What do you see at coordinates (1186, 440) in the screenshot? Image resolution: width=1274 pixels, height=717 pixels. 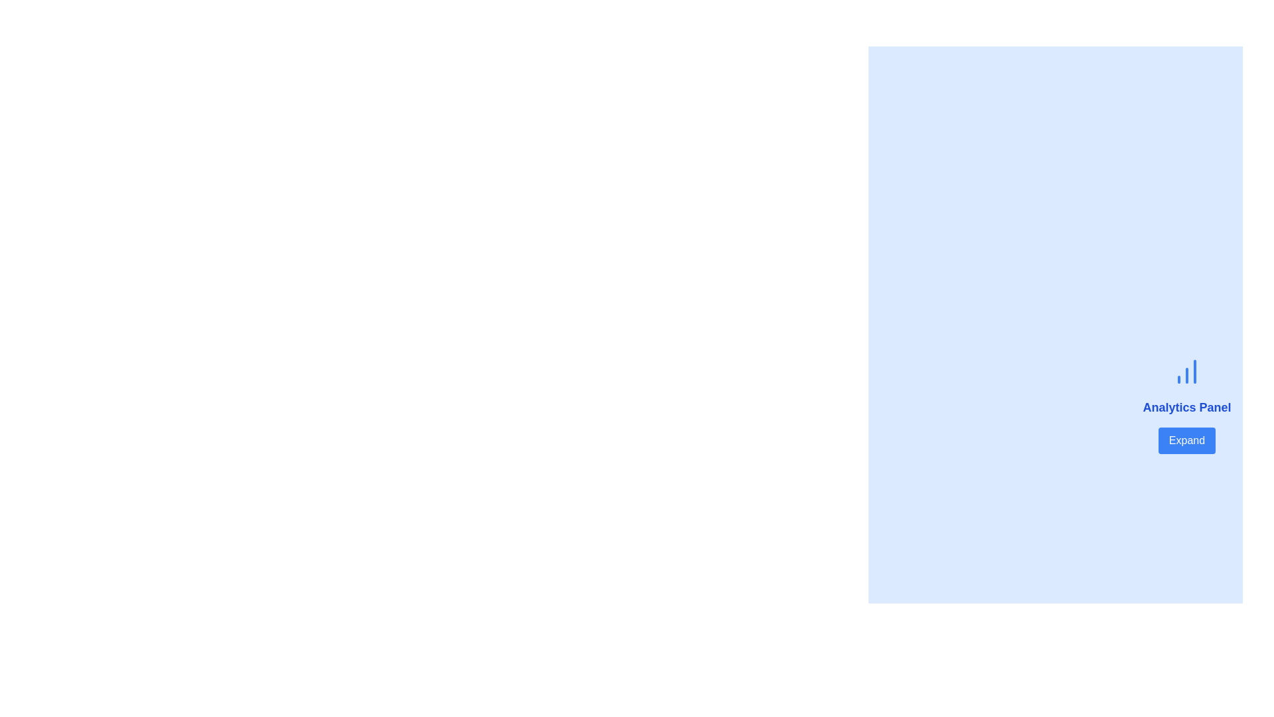 I see `the button located at the bottom of the 'Analytics Panel' section` at bounding box center [1186, 440].